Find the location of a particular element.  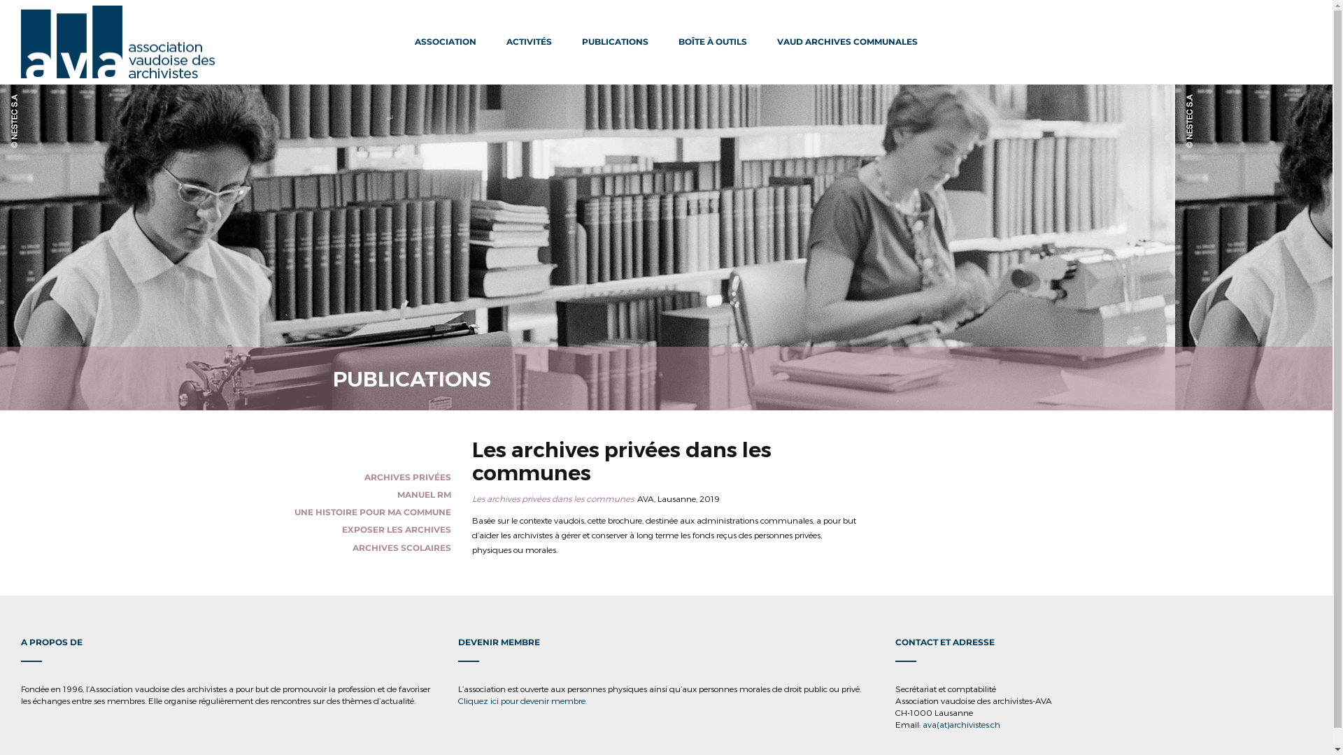

'VAUD ARCHIVES COMMUNALES' is located at coordinates (846, 41).